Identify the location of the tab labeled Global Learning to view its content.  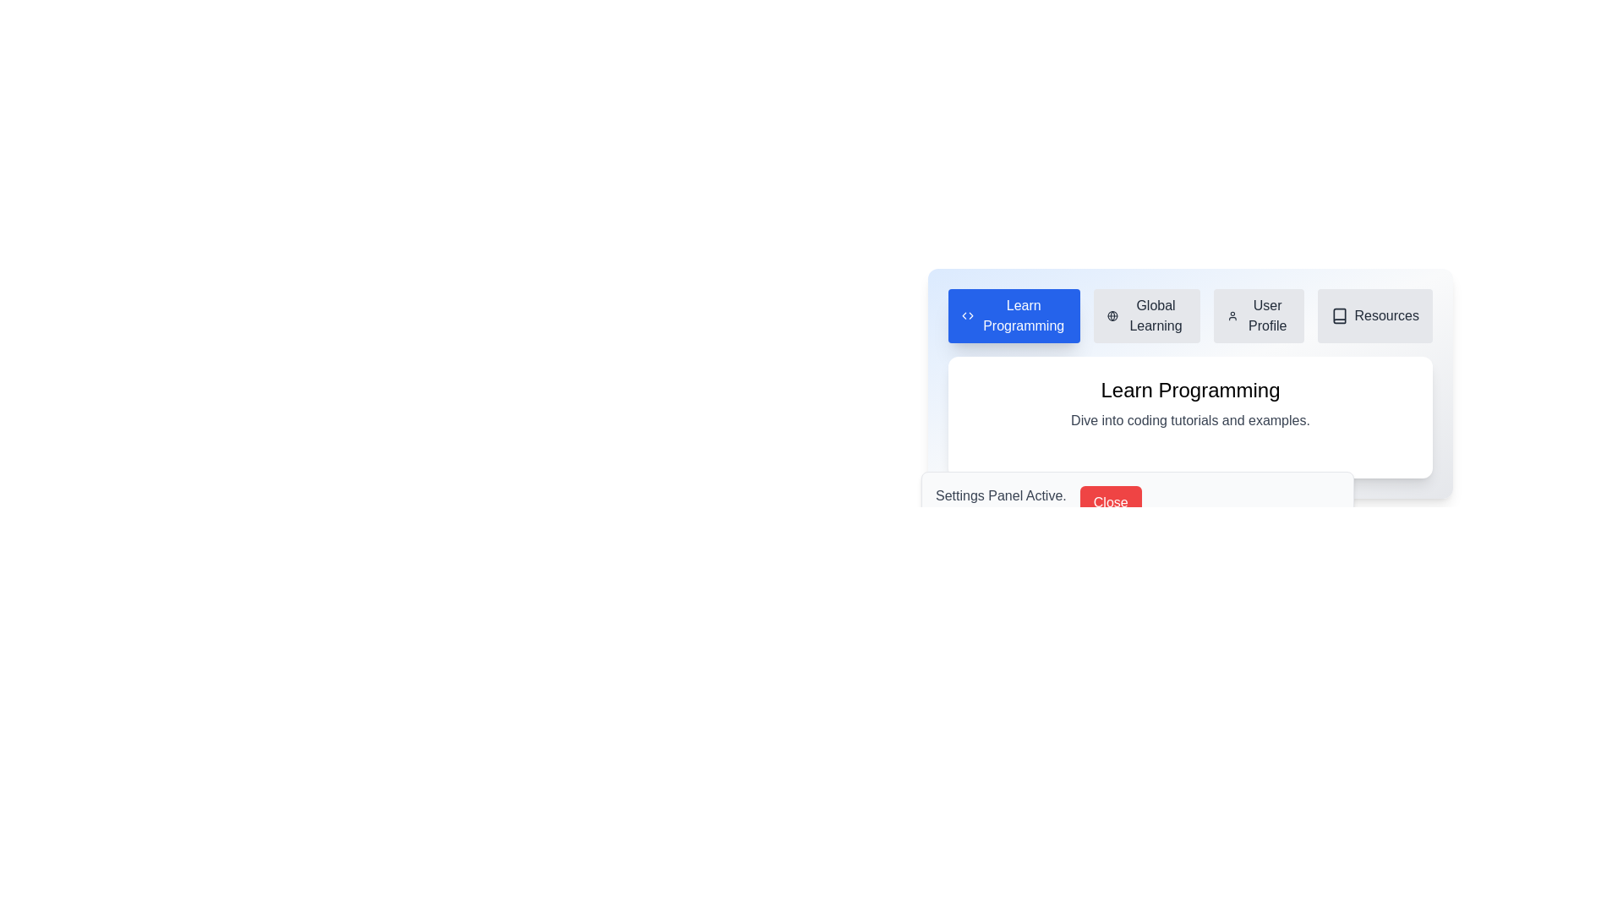
(1147, 316).